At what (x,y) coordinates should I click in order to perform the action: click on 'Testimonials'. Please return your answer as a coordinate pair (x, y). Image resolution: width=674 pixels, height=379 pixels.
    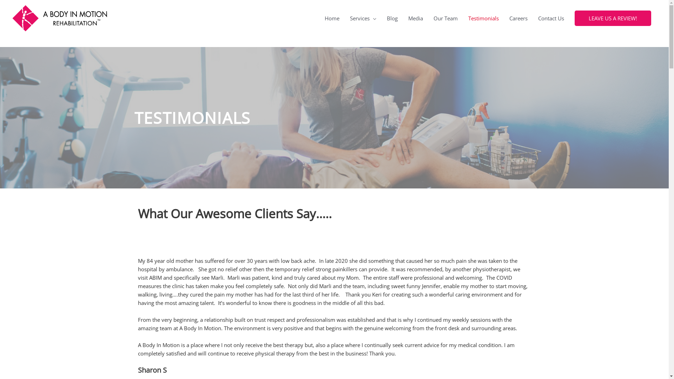
    Looking at the image, I should click on (483, 18).